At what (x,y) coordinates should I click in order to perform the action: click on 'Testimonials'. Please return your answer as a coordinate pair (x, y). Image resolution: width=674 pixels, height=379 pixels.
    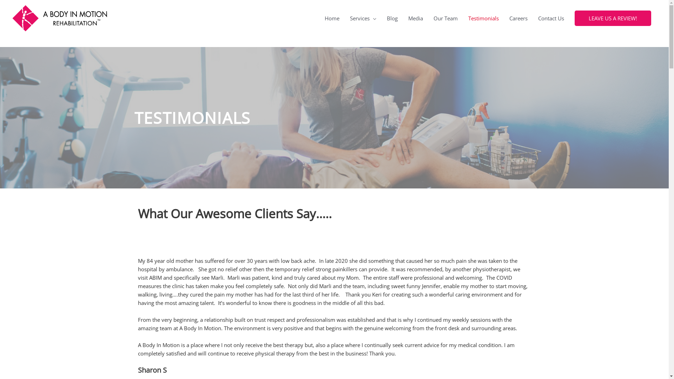
    Looking at the image, I should click on (483, 18).